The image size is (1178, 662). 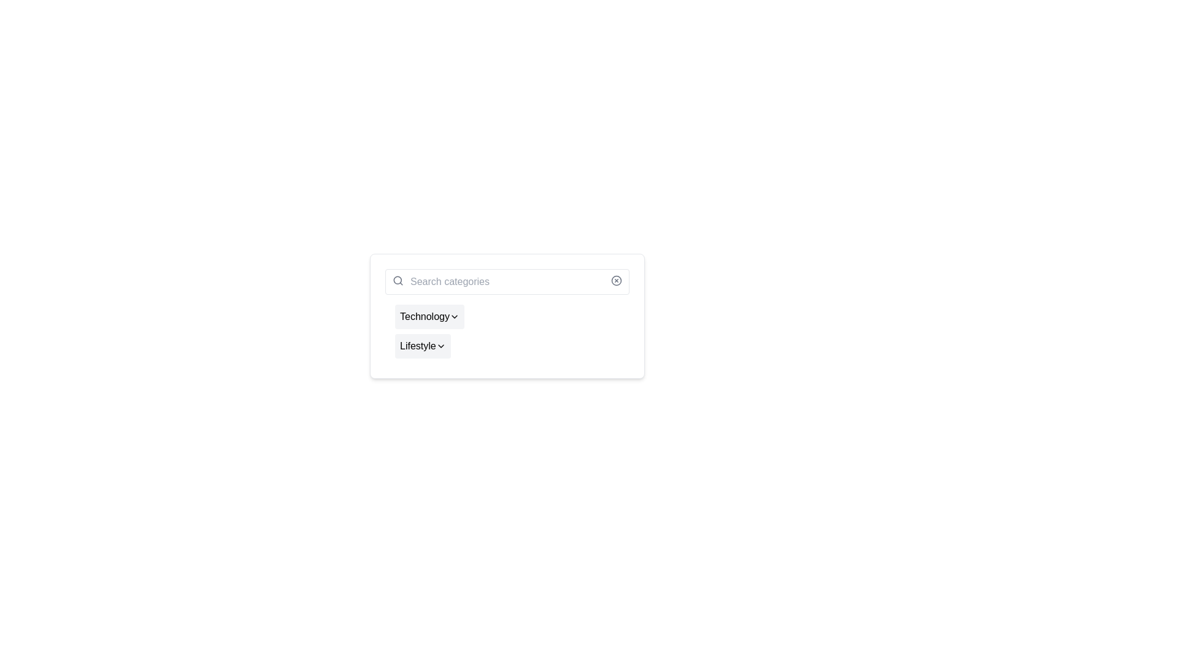 I want to click on the 'Lifestyle' dropdown menu button, so click(x=512, y=346).